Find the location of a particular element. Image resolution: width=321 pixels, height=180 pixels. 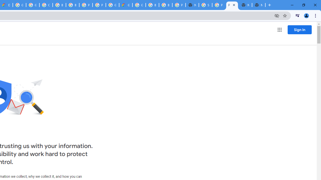

'Google Cloud Platform' is located at coordinates (112, 5).